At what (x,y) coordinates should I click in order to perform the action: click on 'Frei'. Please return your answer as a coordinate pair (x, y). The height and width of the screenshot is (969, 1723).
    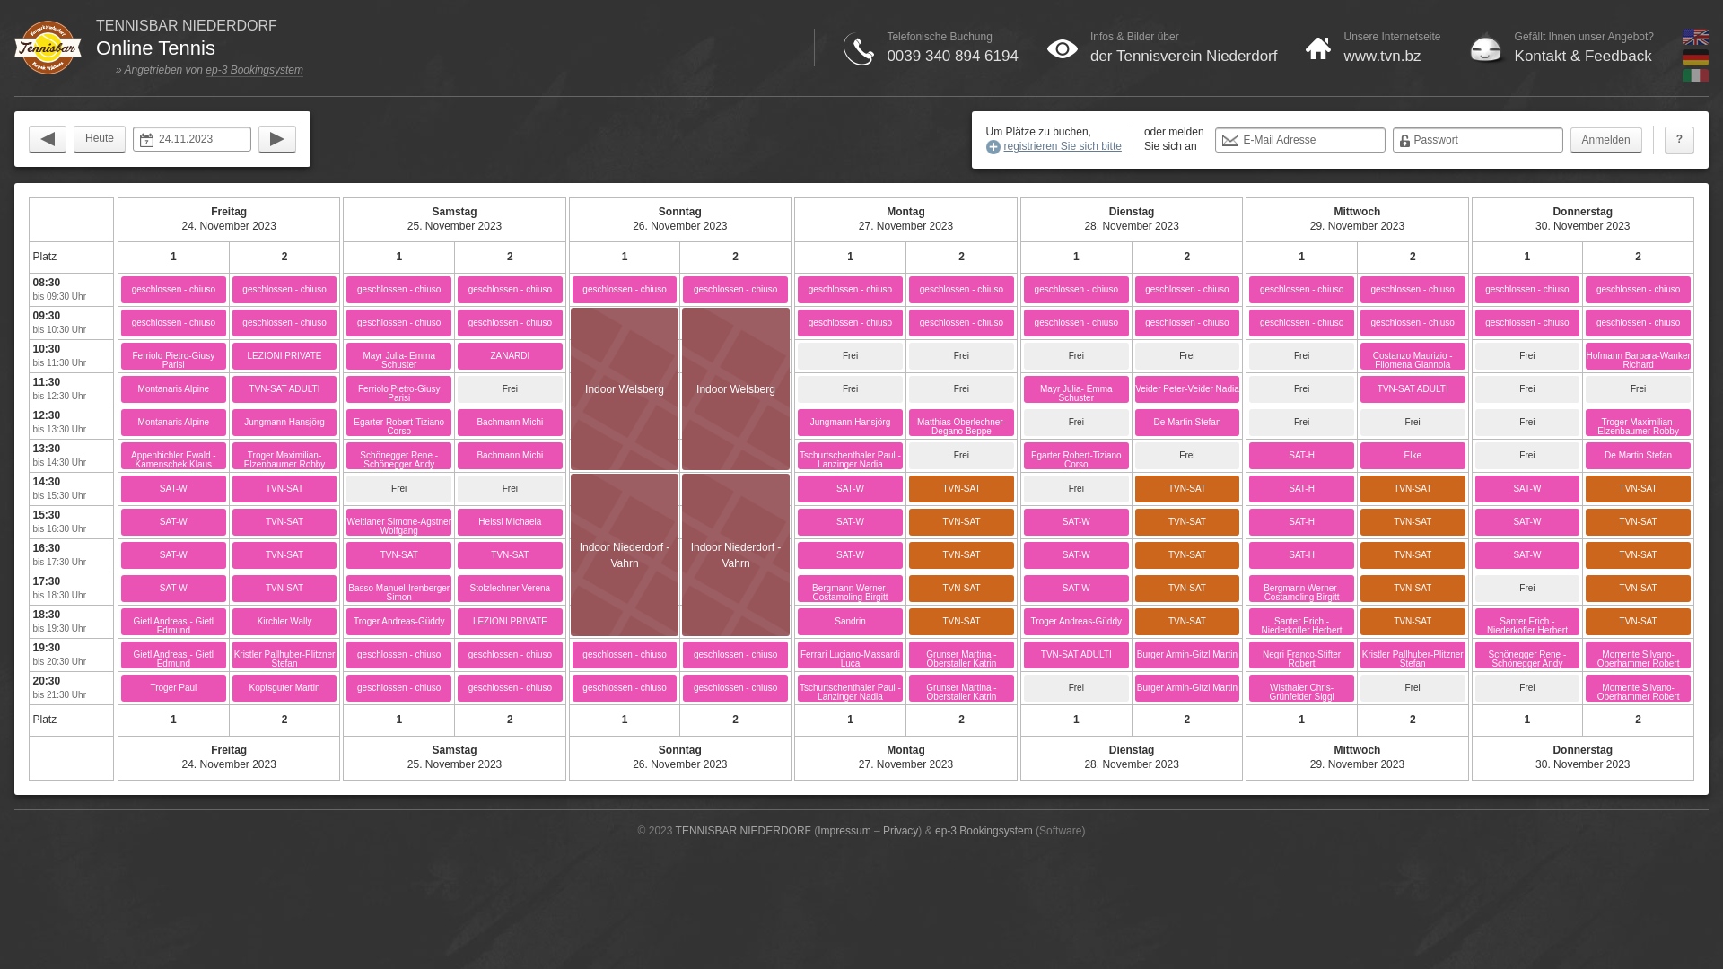
    Looking at the image, I should click on (1474, 356).